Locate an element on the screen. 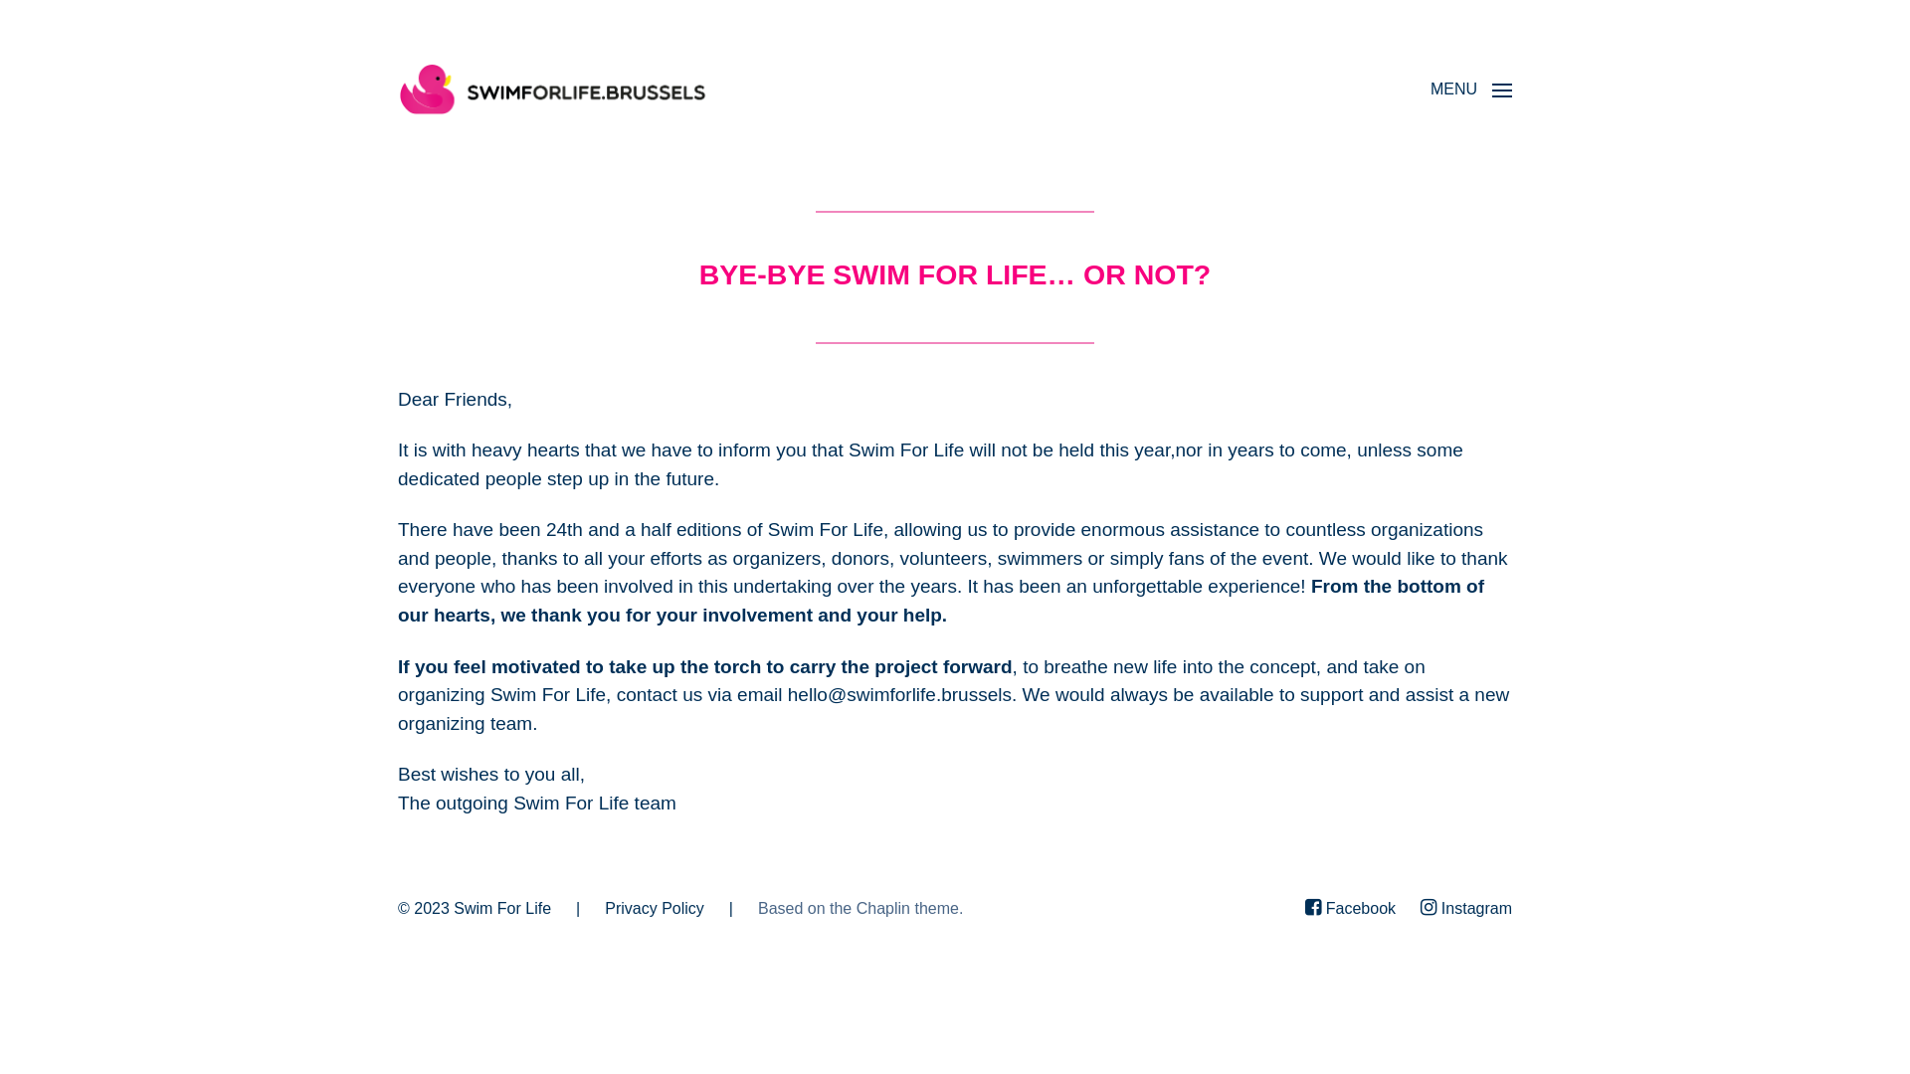 The height and width of the screenshot is (1074, 1910). 'MENU' is located at coordinates (1470, 88).